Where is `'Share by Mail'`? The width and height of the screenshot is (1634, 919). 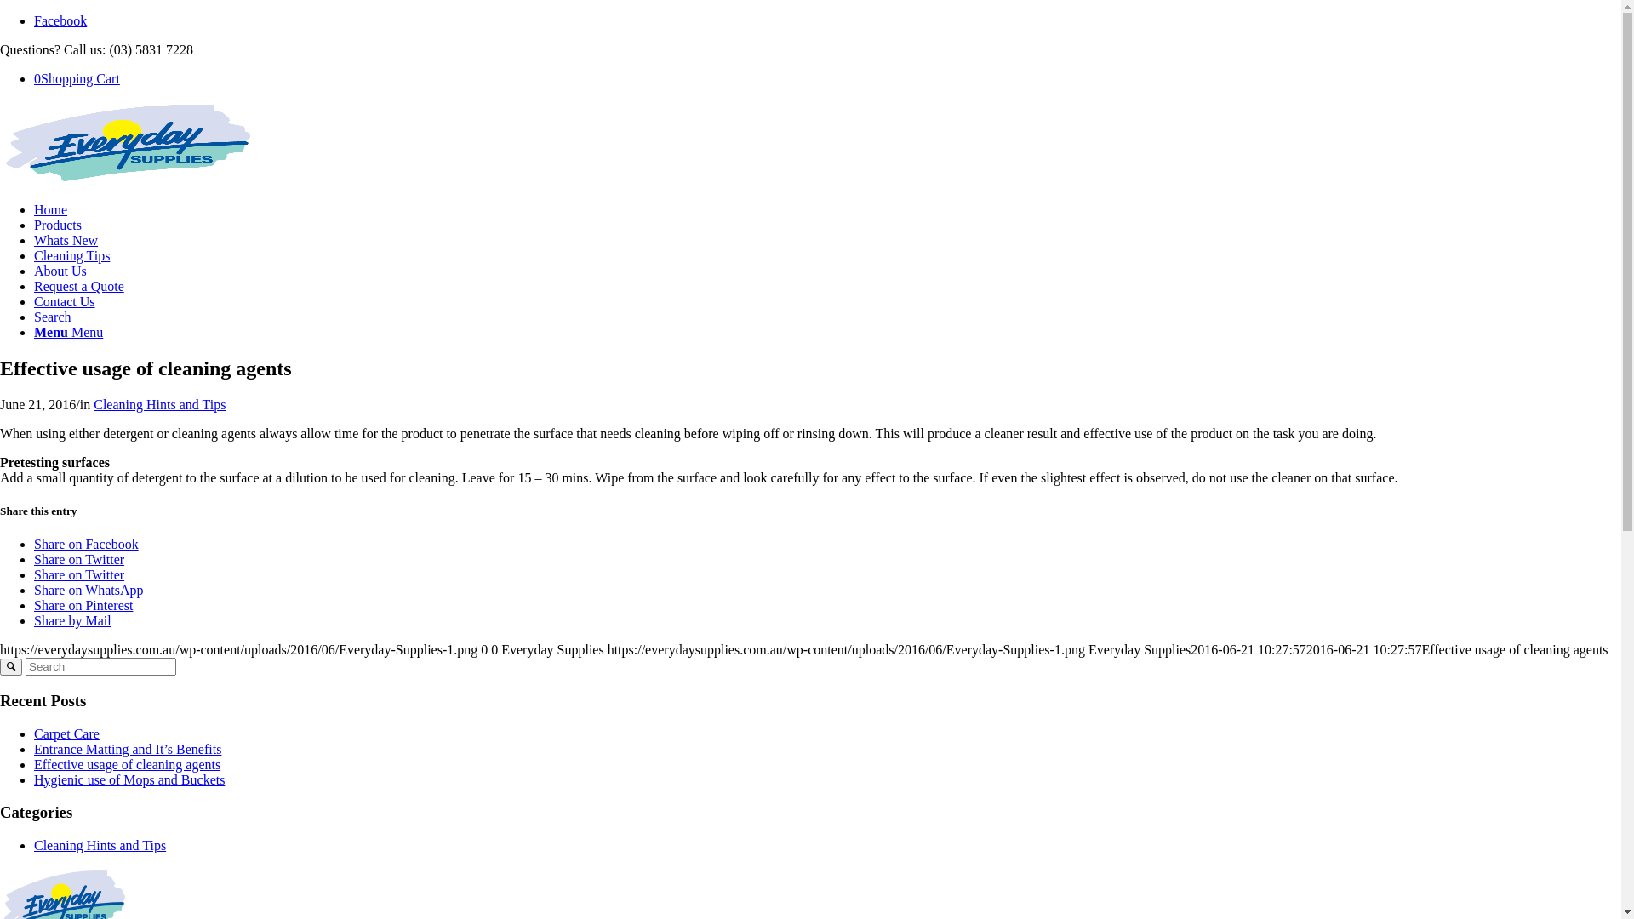
'Share by Mail' is located at coordinates (33, 620).